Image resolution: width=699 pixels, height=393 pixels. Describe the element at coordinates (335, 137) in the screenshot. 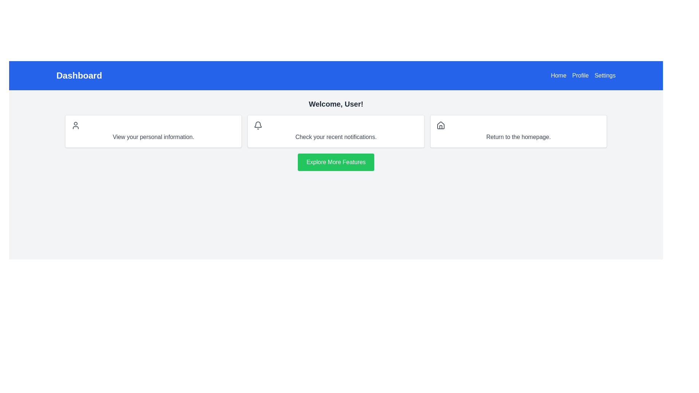

I see `the Text label that informs the user about recent notifications, located in the middle card below the 'Welcome, User!' header and to the right of a bell icon` at that location.